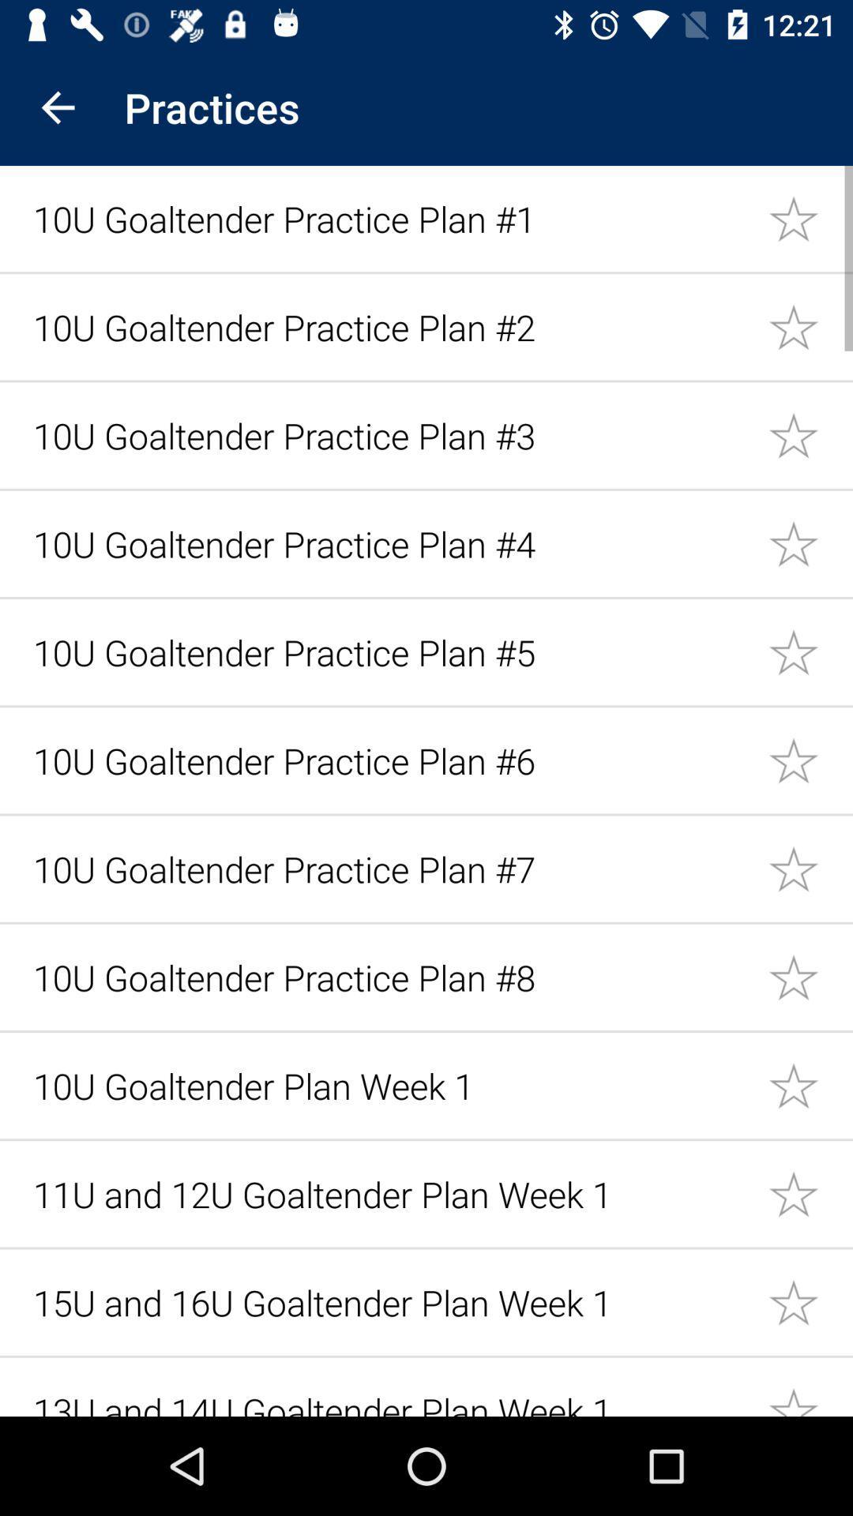 Image resolution: width=853 pixels, height=1516 pixels. What do you see at coordinates (57, 107) in the screenshot?
I see `the item to the left of the practices item` at bounding box center [57, 107].